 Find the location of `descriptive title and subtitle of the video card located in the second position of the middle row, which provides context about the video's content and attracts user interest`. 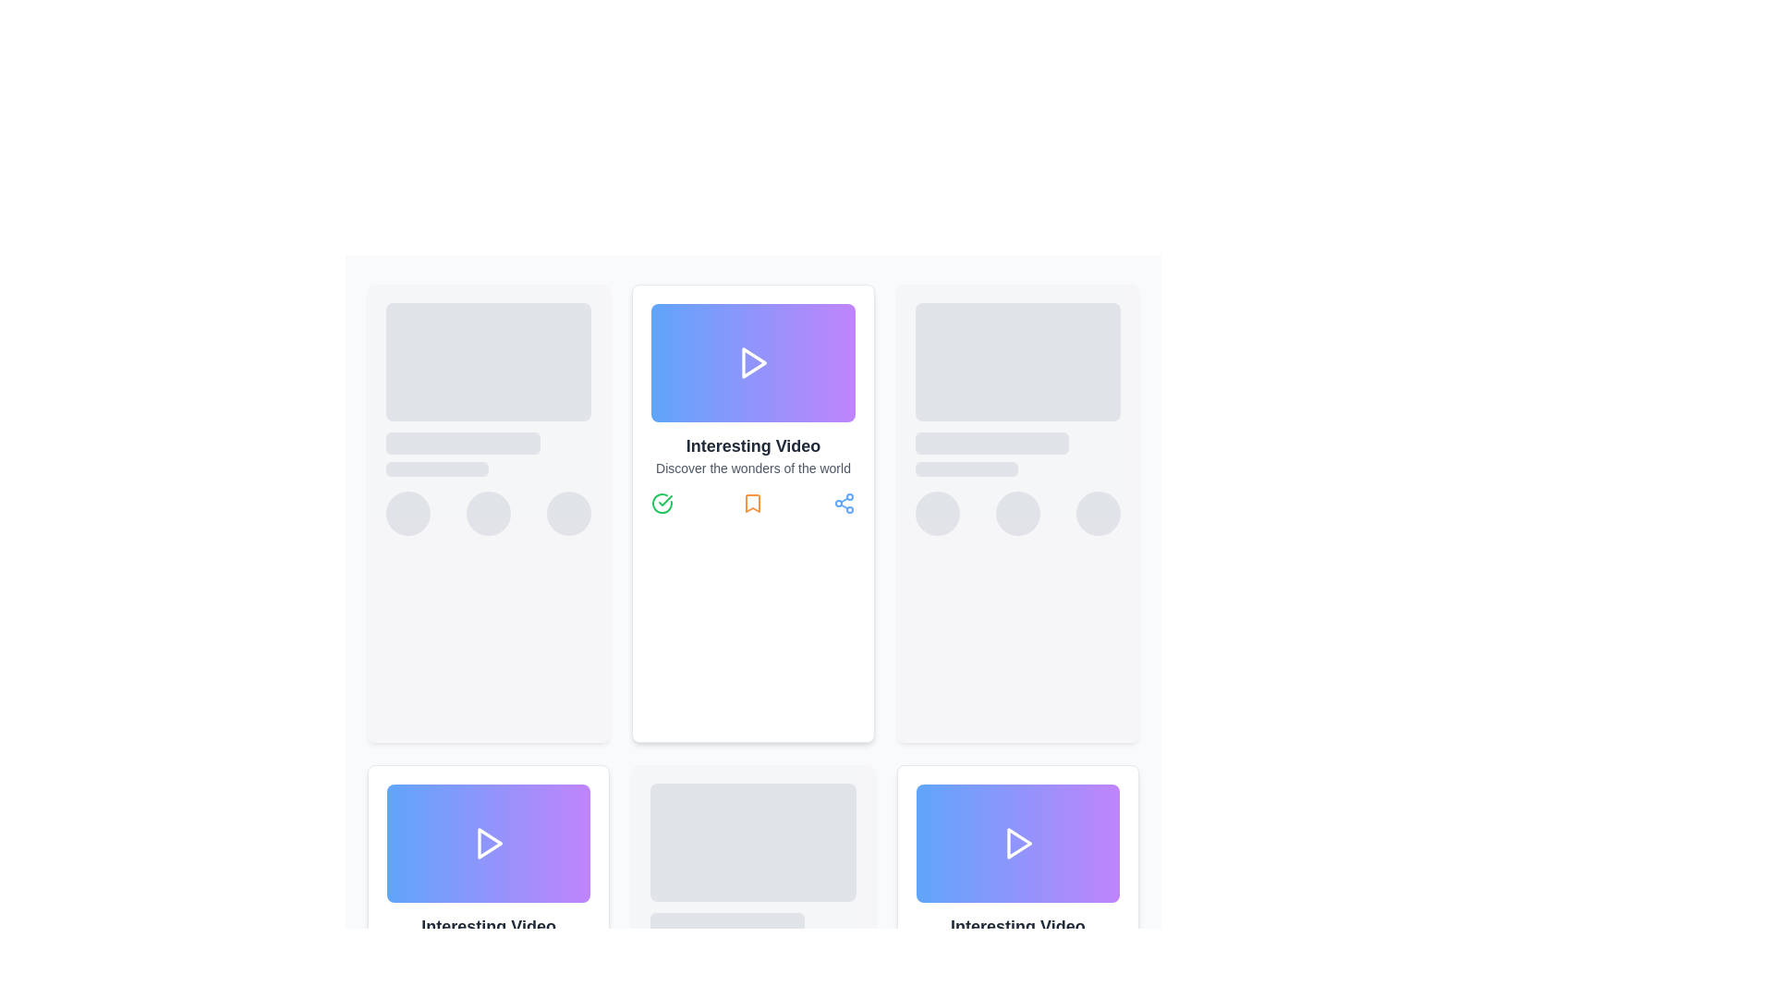

descriptive title and subtitle of the video card located in the second position of the middle row, which provides context about the video's content and attracts user interest is located at coordinates (489, 936).